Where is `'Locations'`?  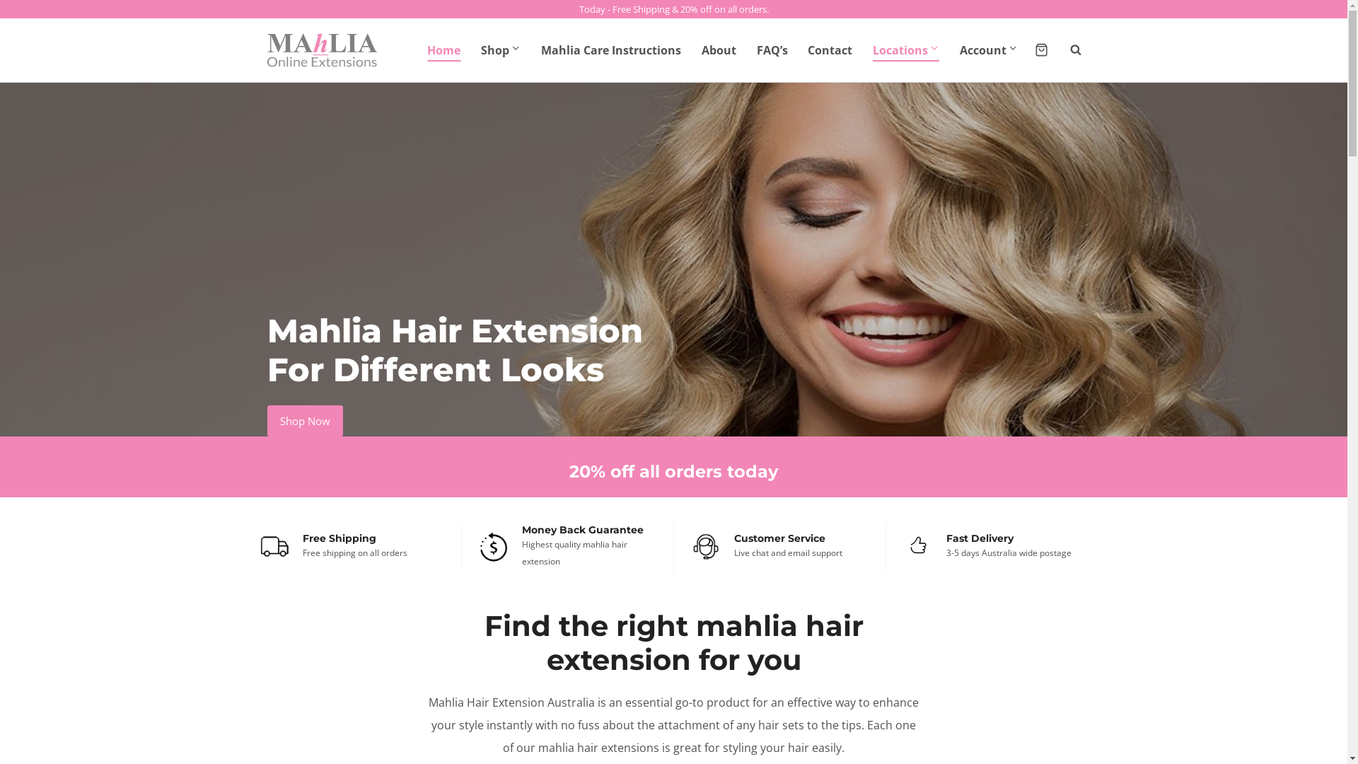
'Locations' is located at coordinates (906, 49).